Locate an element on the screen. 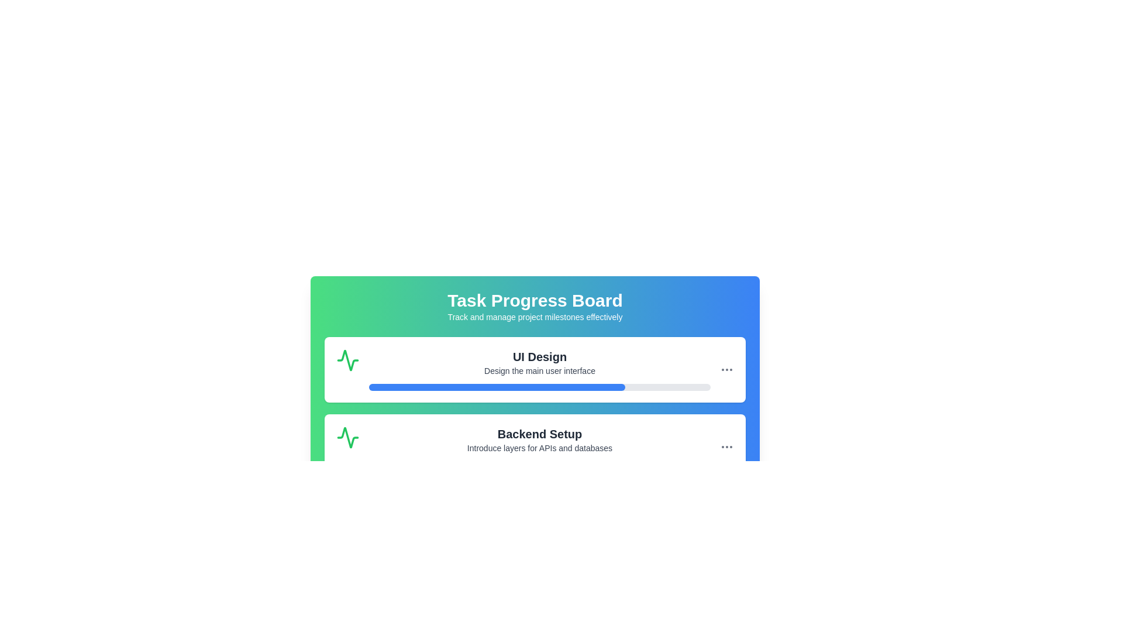  the progress bar segment indicating 75% completion of the 'UI Design' task is located at coordinates (497, 387).